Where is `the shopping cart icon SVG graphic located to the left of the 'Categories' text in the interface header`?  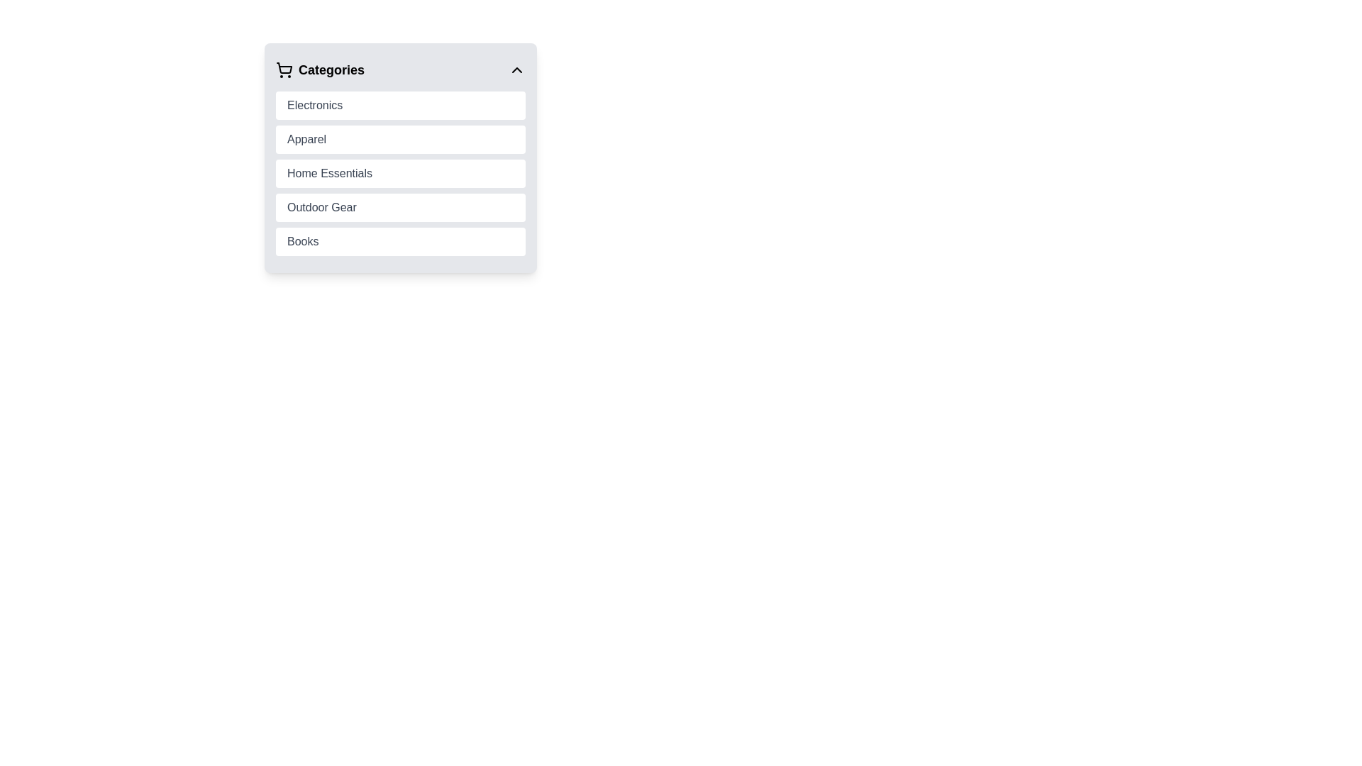 the shopping cart icon SVG graphic located to the left of the 'Categories' text in the interface header is located at coordinates (284, 68).